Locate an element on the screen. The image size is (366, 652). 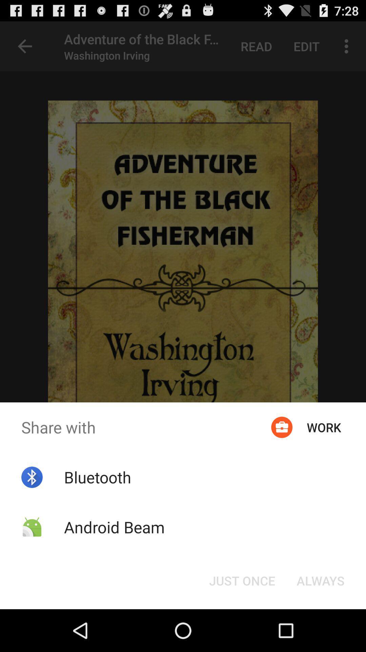
the bluetooth is located at coordinates (98, 477).